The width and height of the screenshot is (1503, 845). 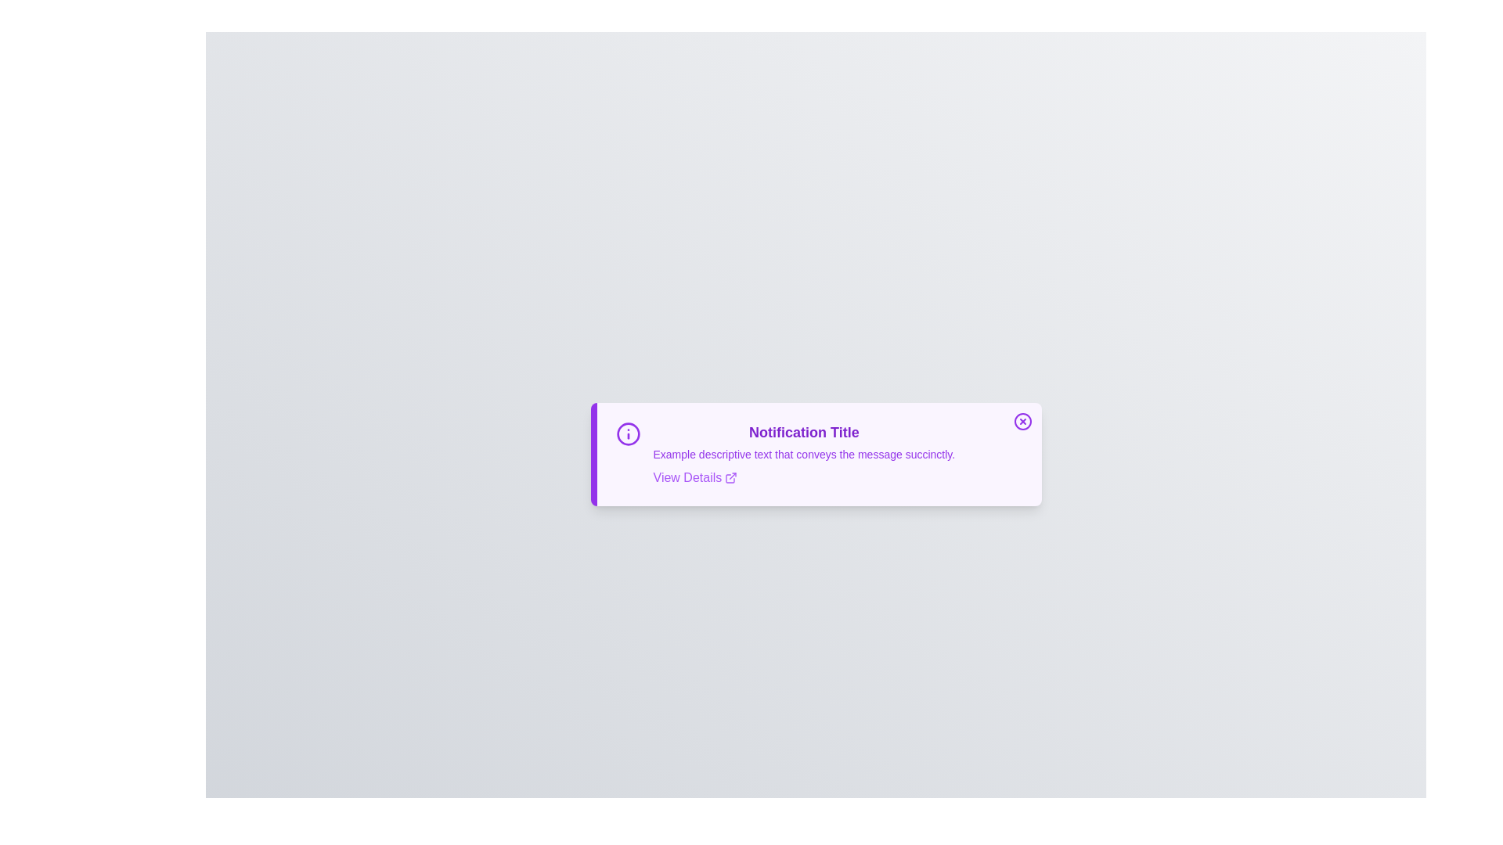 I want to click on the 'View Details' button to reveal additional details, so click(x=694, y=476).